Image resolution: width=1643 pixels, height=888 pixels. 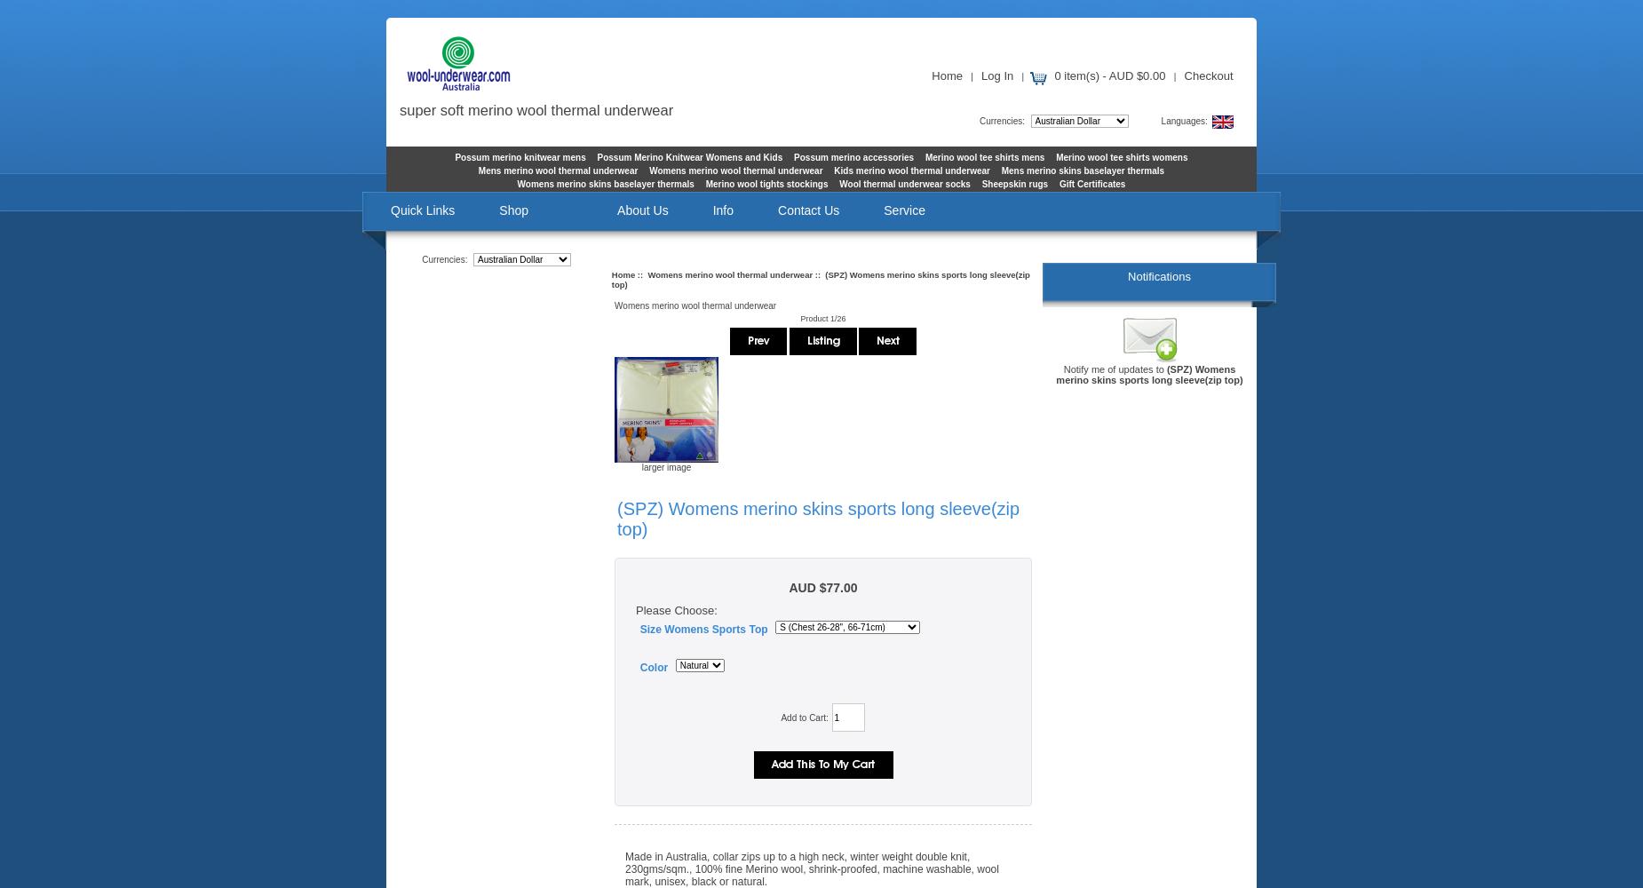 What do you see at coordinates (1013, 183) in the screenshot?
I see `'Sheepskin rugs'` at bounding box center [1013, 183].